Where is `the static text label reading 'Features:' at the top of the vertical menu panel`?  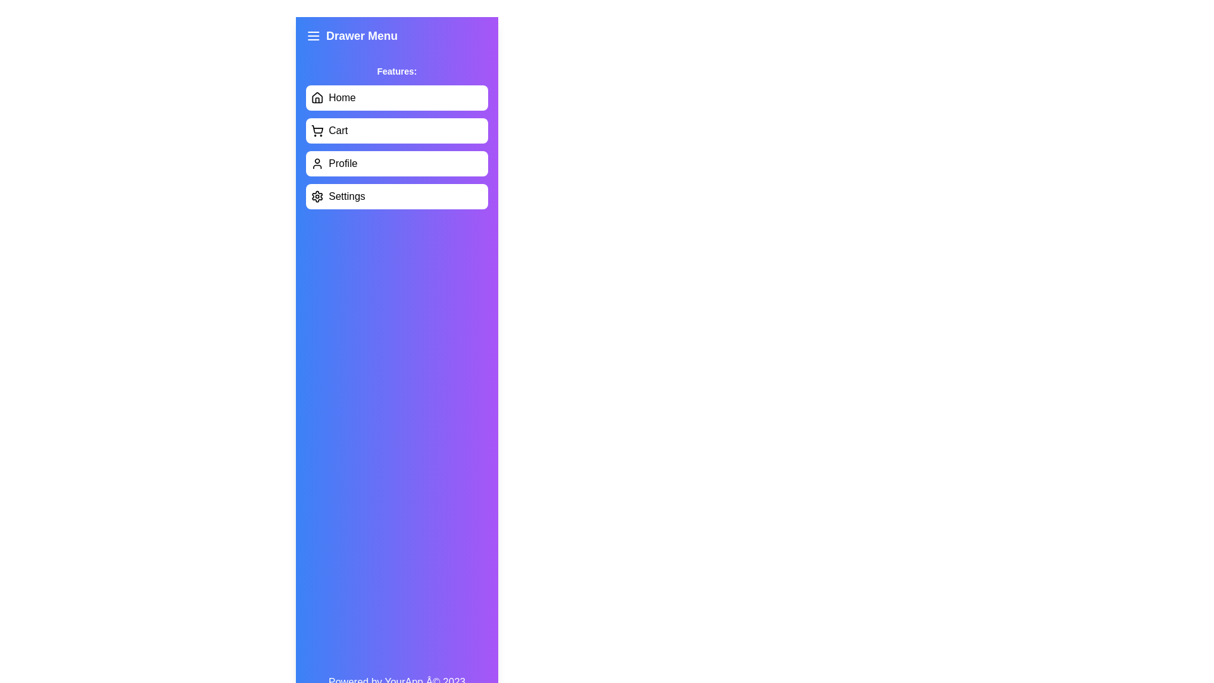
the static text label reading 'Features:' at the top of the vertical menu panel is located at coordinates (396, 71).